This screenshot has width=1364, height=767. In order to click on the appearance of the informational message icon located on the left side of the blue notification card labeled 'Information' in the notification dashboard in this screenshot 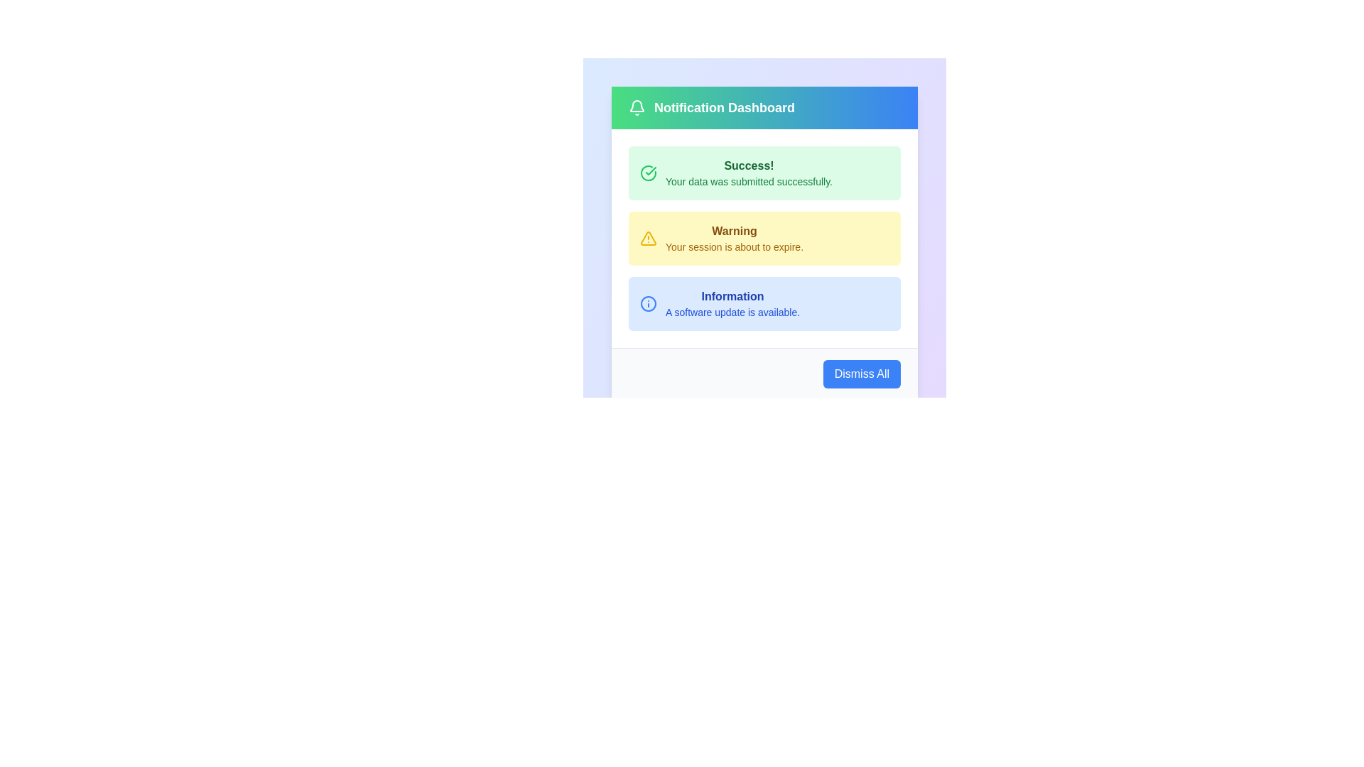, I will do `click(647, 303)`.